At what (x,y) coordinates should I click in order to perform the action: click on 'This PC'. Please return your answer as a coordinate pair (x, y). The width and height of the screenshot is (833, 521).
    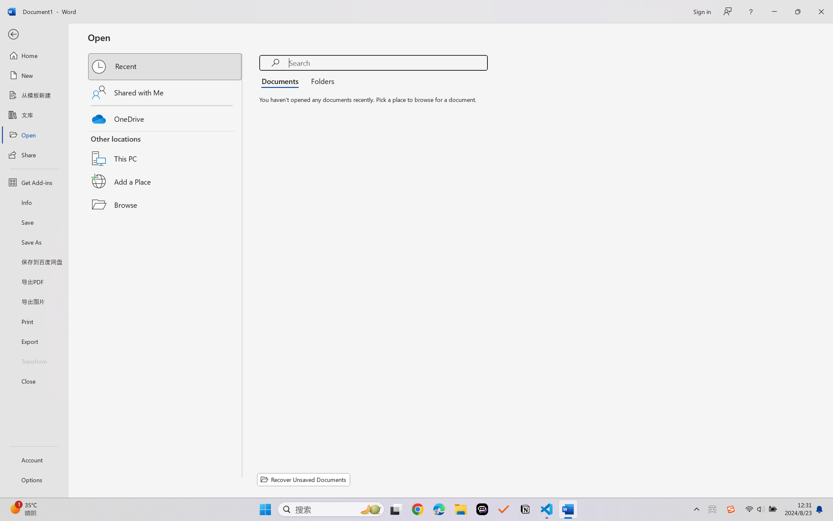
    Looking at the image, I should click on (165, 150).